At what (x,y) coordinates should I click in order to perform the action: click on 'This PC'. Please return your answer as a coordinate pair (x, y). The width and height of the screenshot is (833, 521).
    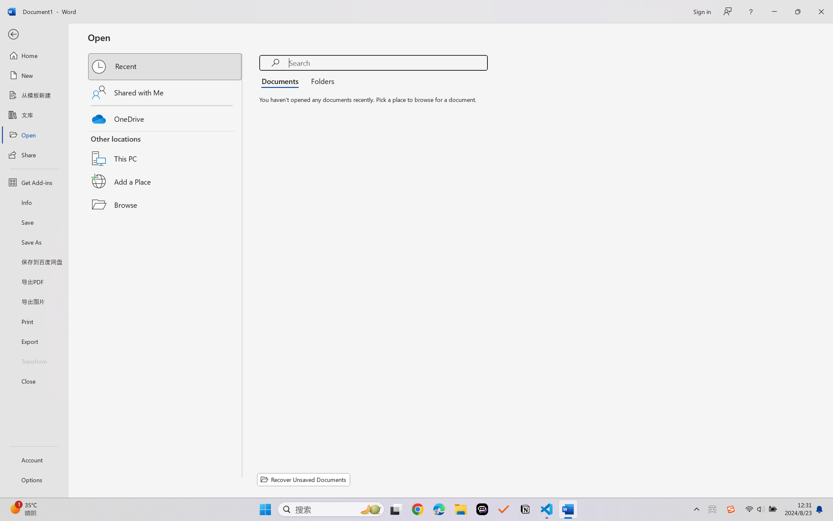
    Looking at the image, I should click on (165, 150).